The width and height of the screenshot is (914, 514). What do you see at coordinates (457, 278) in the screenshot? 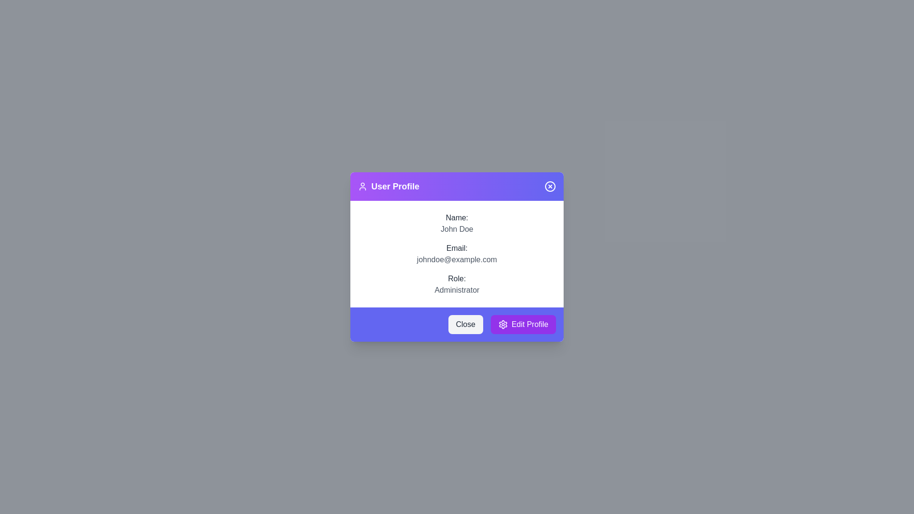
I see `the static text label displaying 'Role:' which is located in the user information dialog window, above the text 'Administrator'` at bounding box center [457, 278].